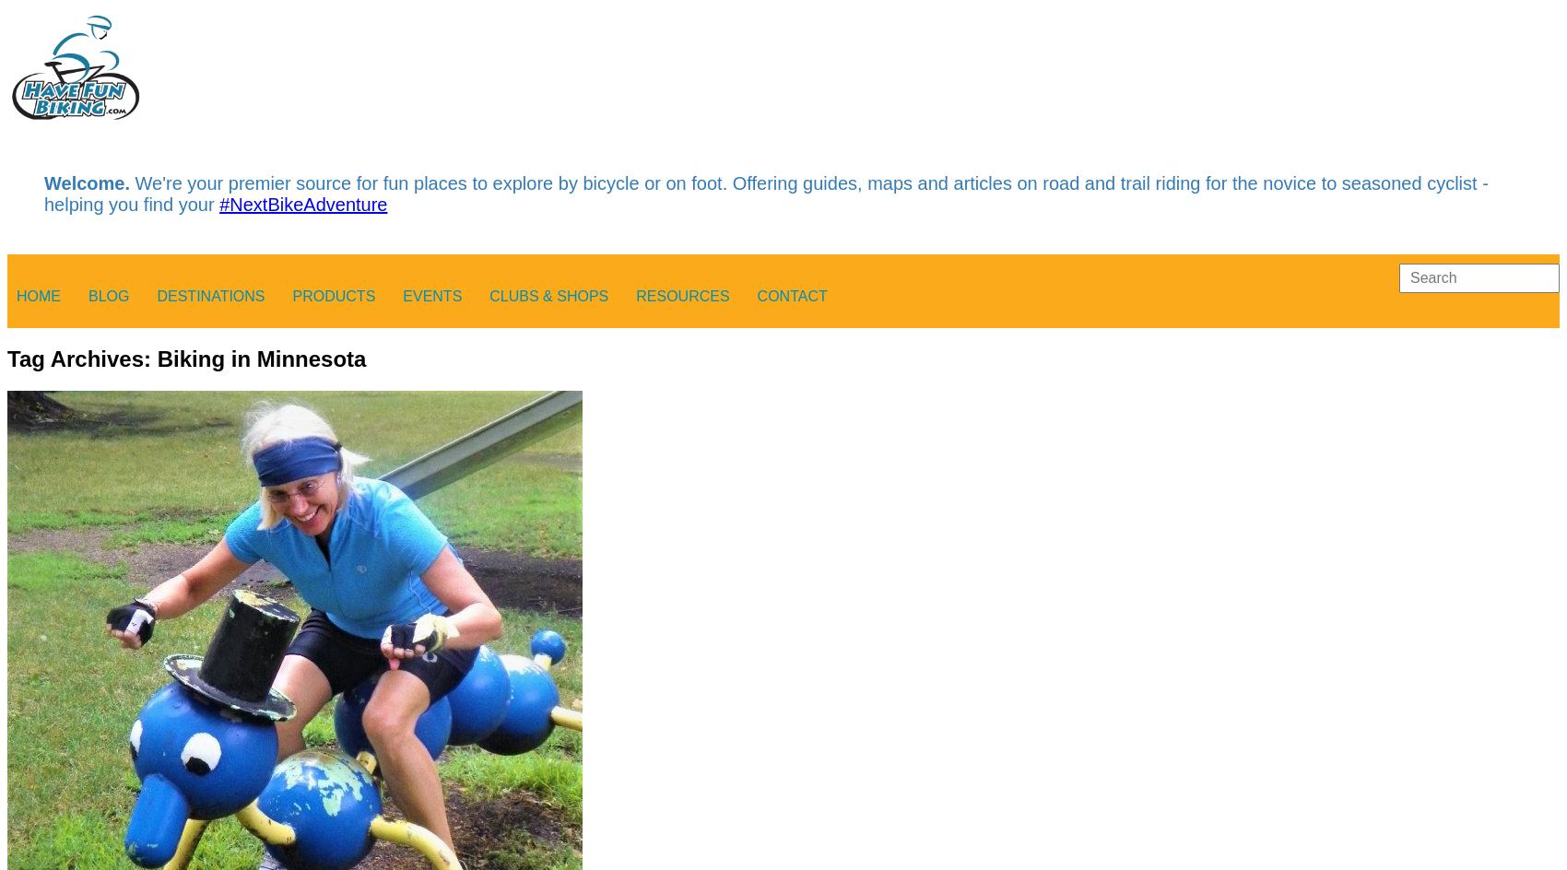  What do you see at coordinates (332, 295) in the screenshot?
I see `'Products'` at bounding box center [332, 295].